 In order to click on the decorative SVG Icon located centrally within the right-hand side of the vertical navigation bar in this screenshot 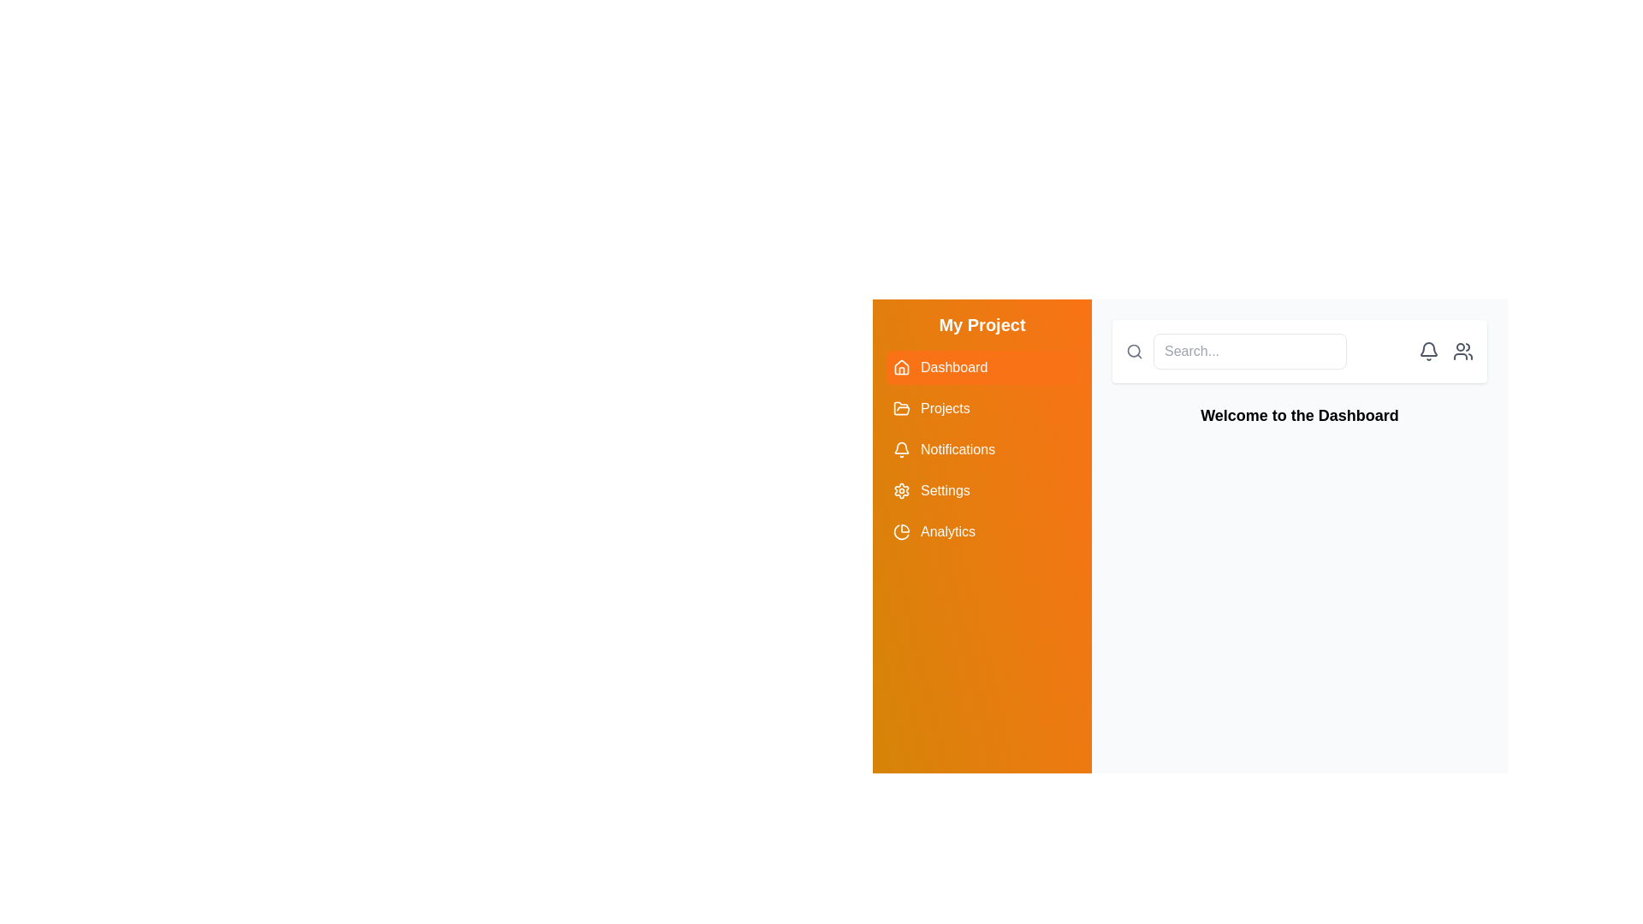, I will do `click(901, 408)`.